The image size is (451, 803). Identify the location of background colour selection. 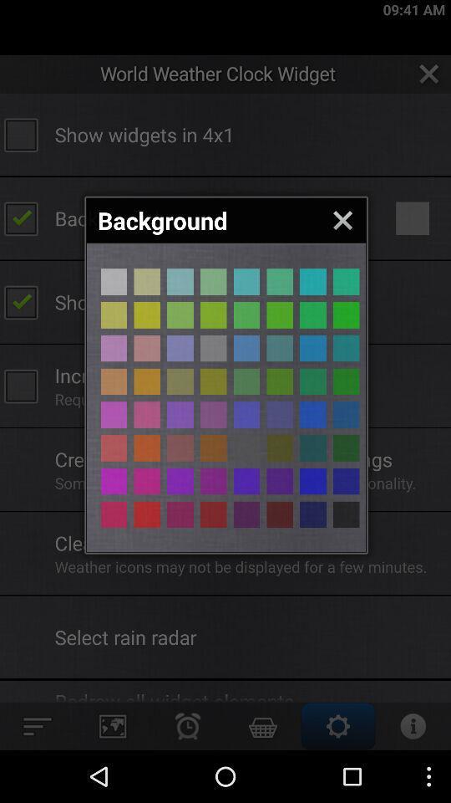
(246, 381).